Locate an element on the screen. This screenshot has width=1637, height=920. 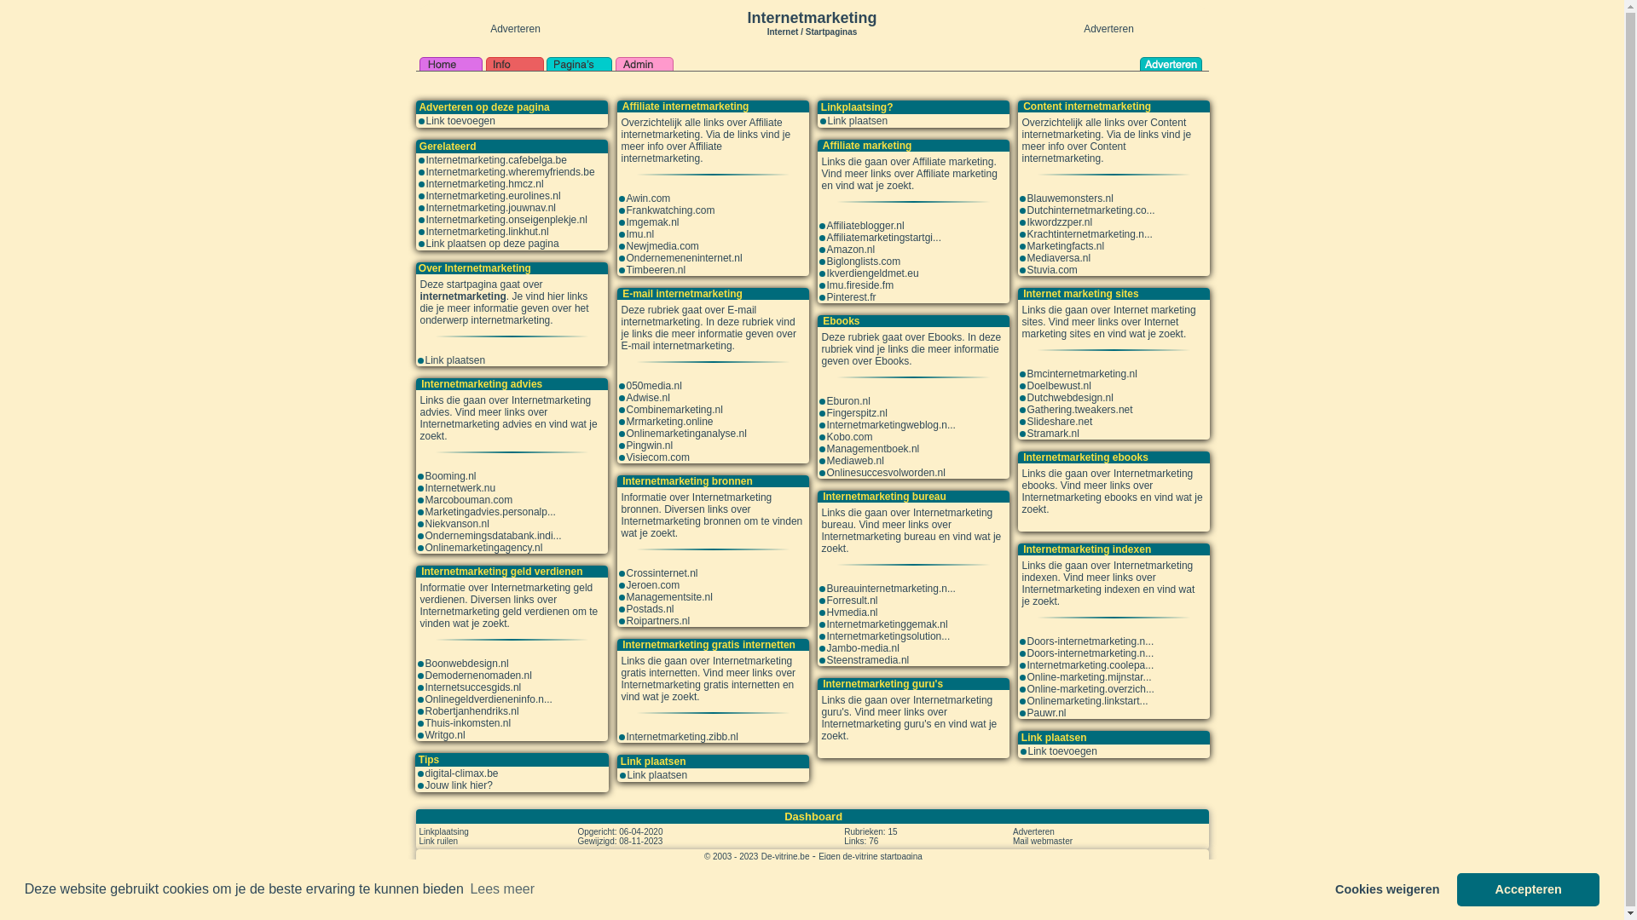
'Link toevoegen' is located at coordinates (460, 120).